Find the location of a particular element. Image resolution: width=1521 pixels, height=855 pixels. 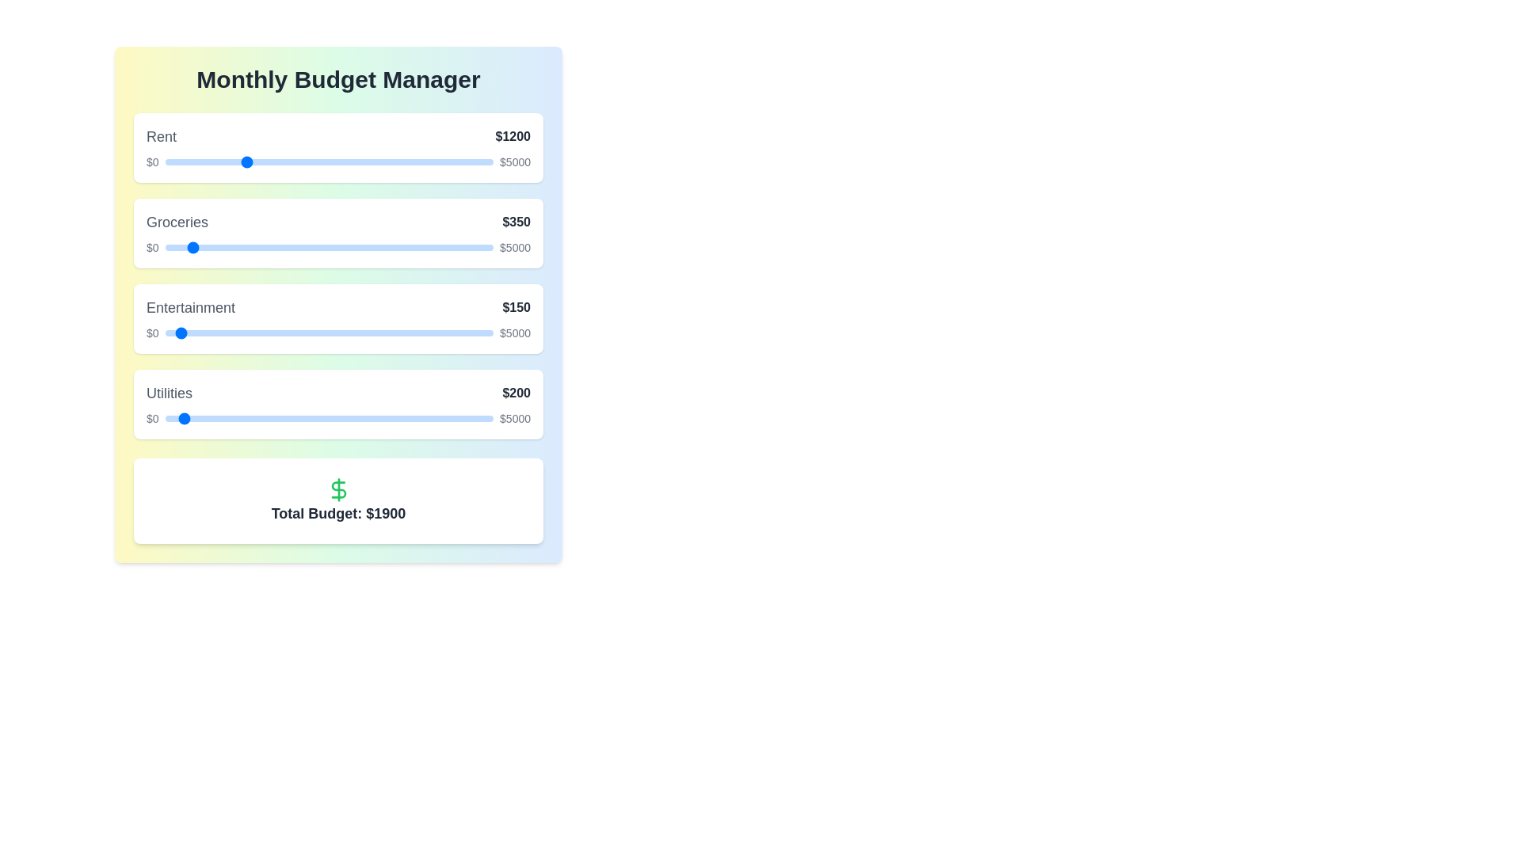

the value of the slider is located at coordinates (391, 332).